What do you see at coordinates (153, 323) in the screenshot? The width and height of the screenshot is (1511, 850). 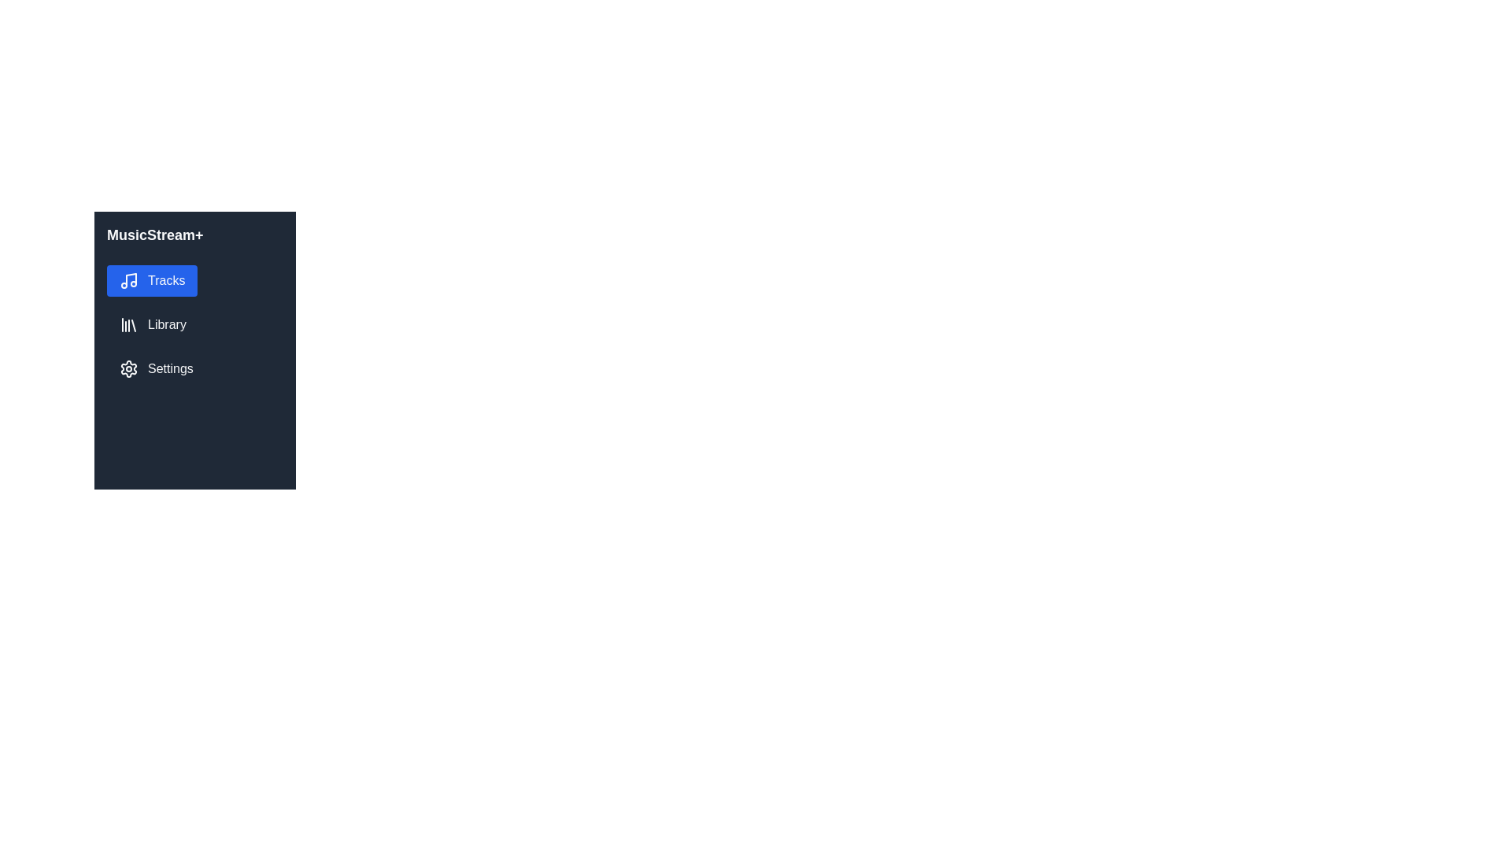 I see `the 'Library' navigation button located in the sidebar 'MusicStream+', positioned below the 'Tracks' menu item and above the 'Settings' menu item` at bounding box center [153, 323].